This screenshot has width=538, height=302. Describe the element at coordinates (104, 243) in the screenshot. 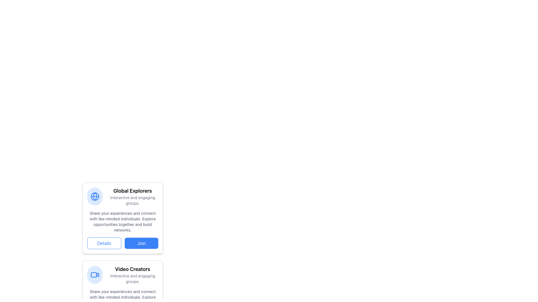

I see `the 'Details' button located in the bottom-left area of the 'Global Explorers' card` at that location.